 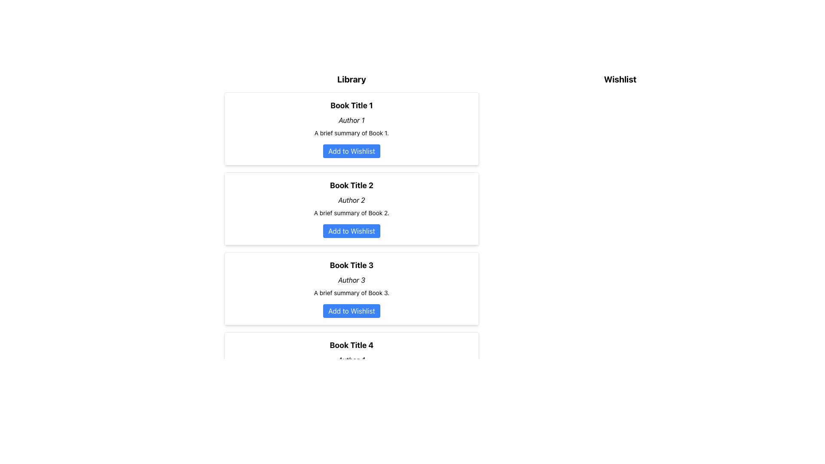 What do you see at coordinates (351, 79) in the screenshot?
I see `the prominent 'Library' text element which is styled in bold and large size, located at the top of the content section` at bounding box center [351, 79].